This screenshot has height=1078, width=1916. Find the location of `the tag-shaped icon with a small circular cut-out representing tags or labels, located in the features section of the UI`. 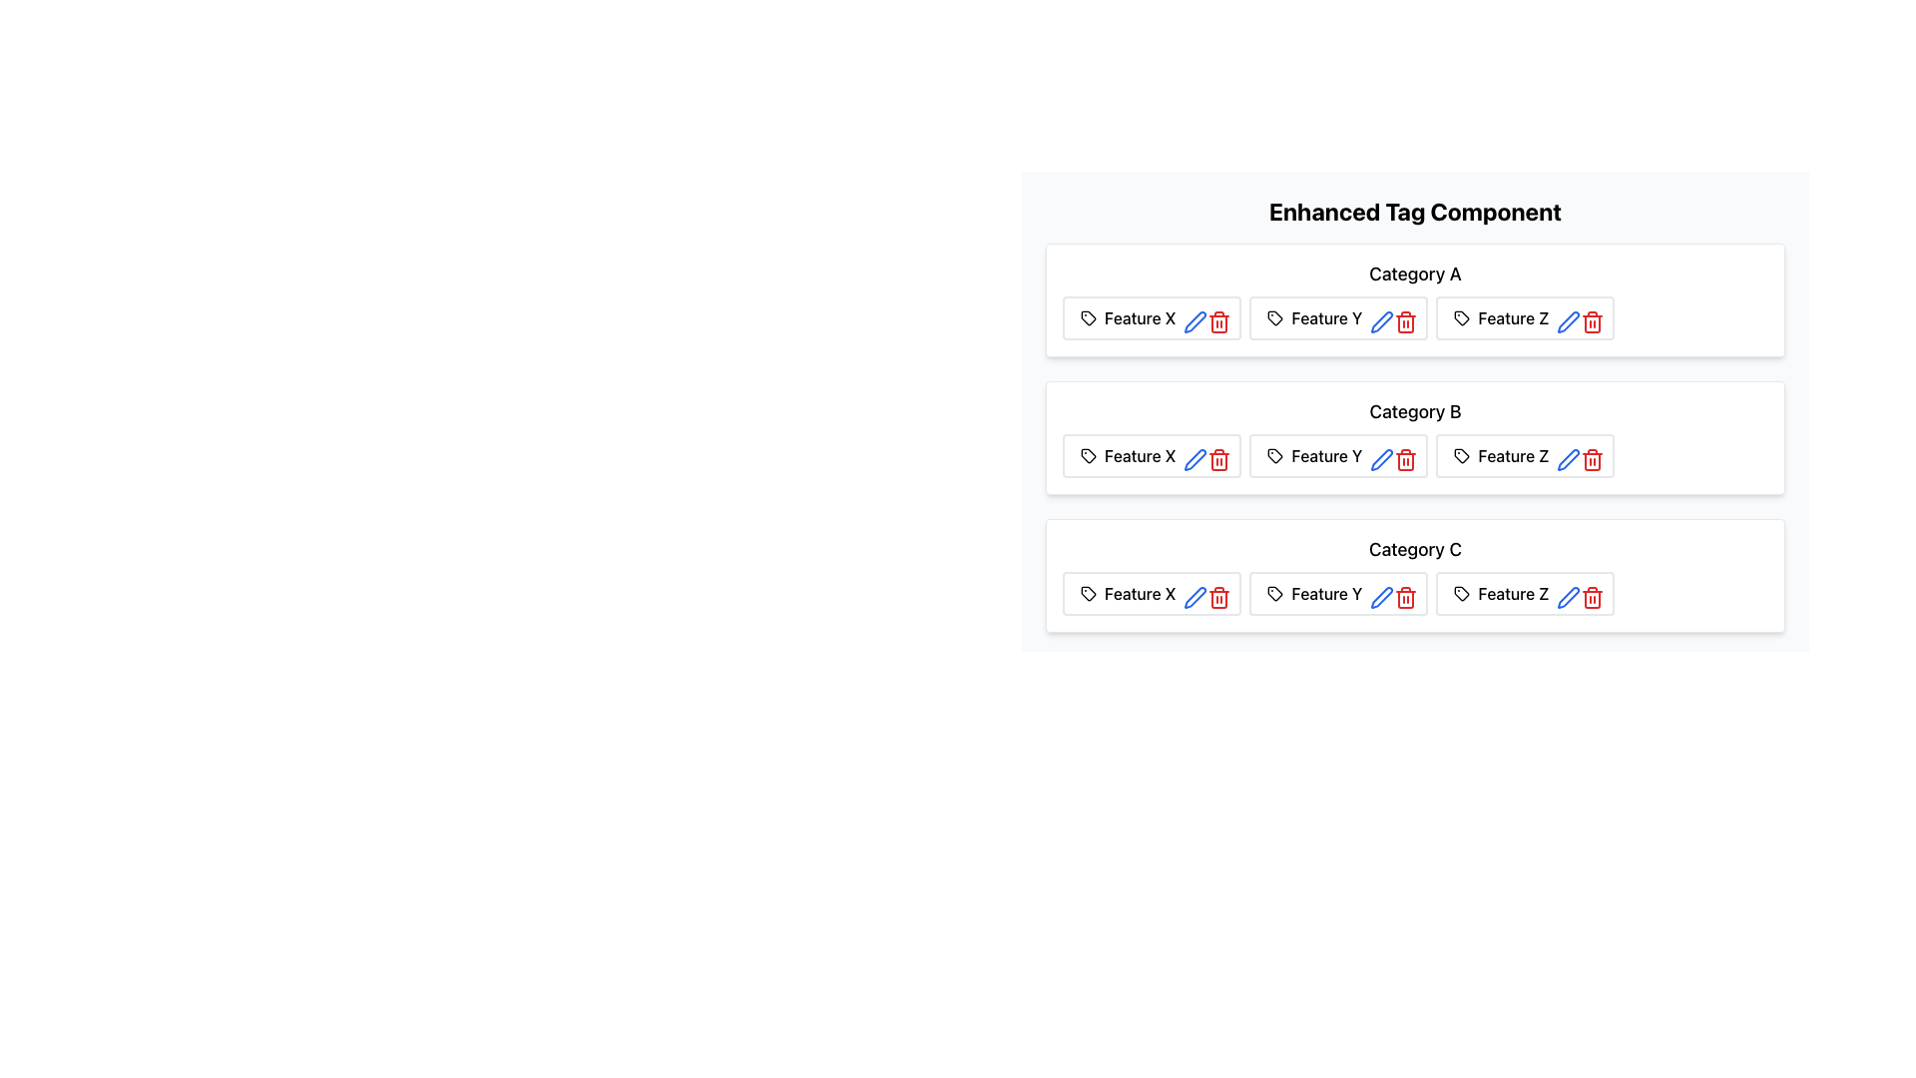

the tag-shaped icon with a small circular cut-out representing tags or labels, located in the features section of the UI is located at coordinates (1462, 455).